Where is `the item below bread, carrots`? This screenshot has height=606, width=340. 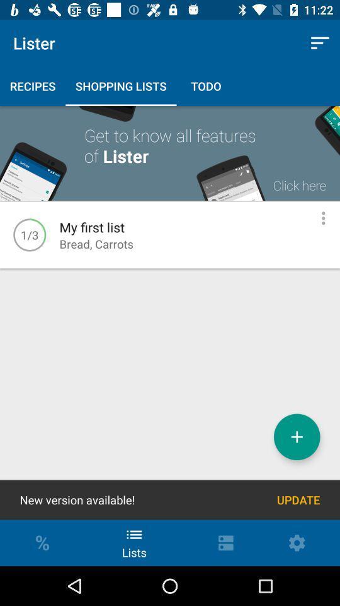
the item below bread, carrots is located at coordinates (297, 437).